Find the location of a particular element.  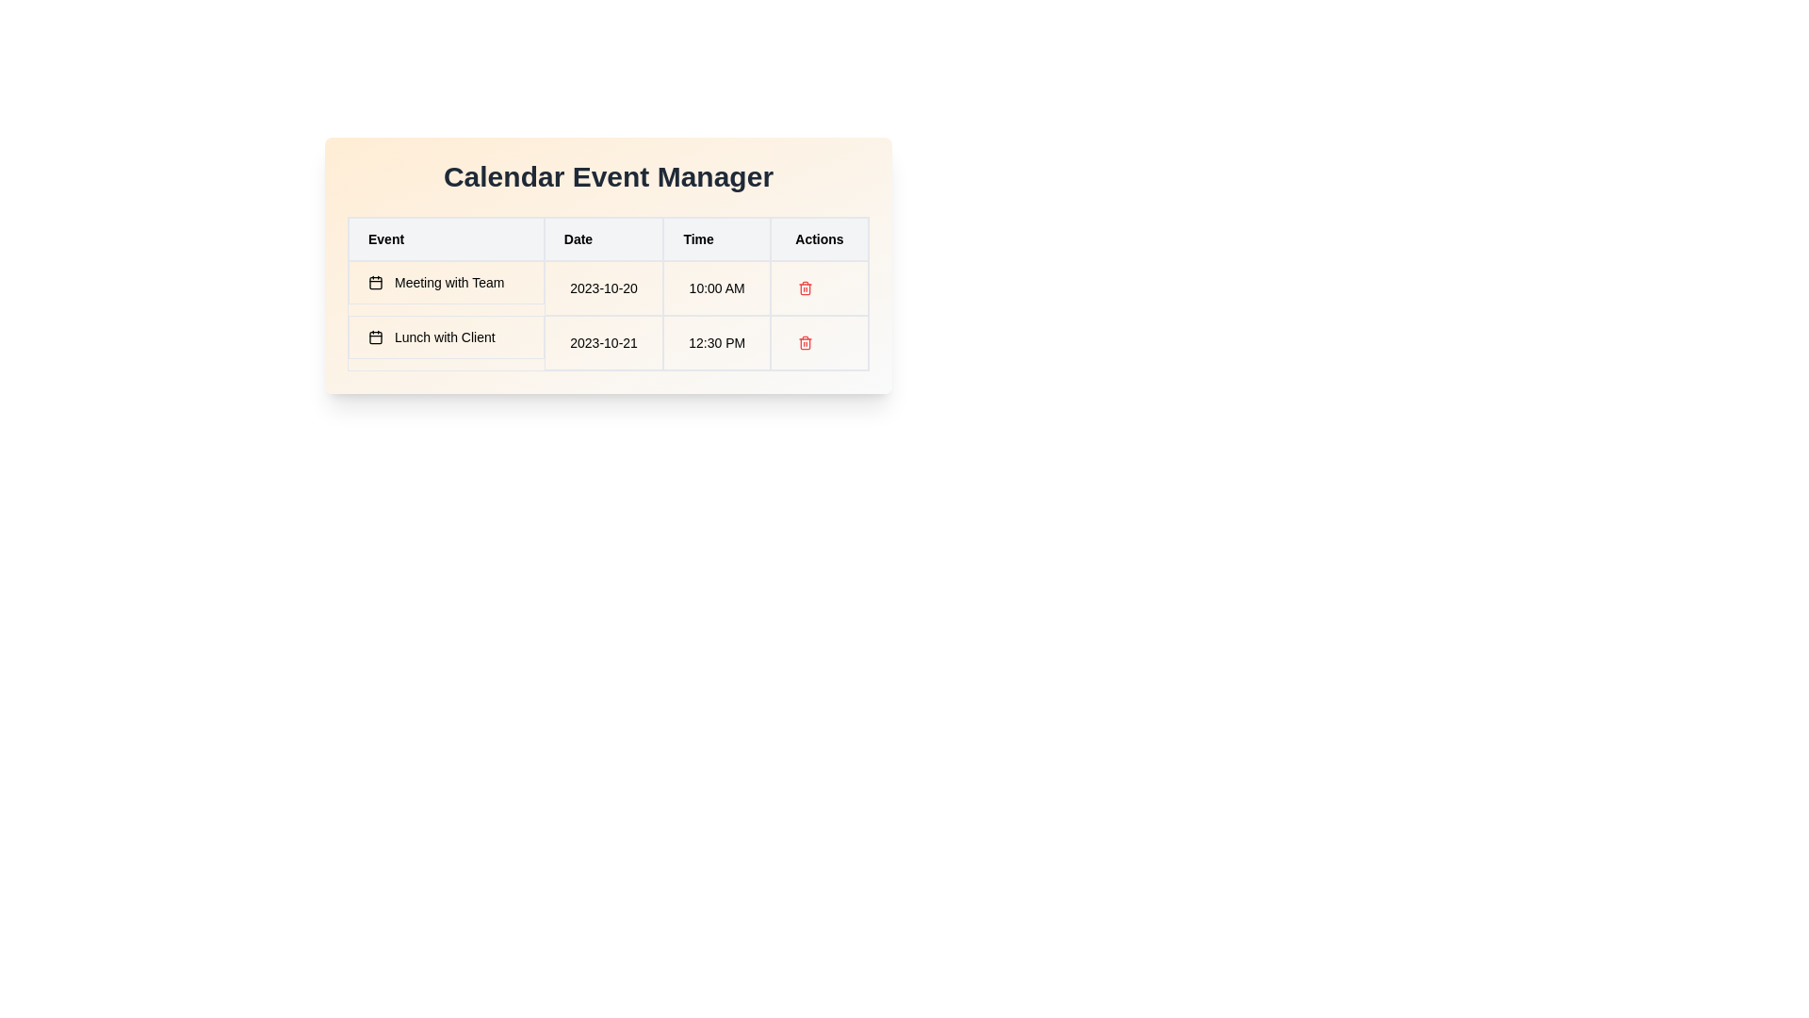

the trash bin icon button in the 'Actions' column of the second row in the 'Calendar Event Manager' table is located at coordinates (805, 342).